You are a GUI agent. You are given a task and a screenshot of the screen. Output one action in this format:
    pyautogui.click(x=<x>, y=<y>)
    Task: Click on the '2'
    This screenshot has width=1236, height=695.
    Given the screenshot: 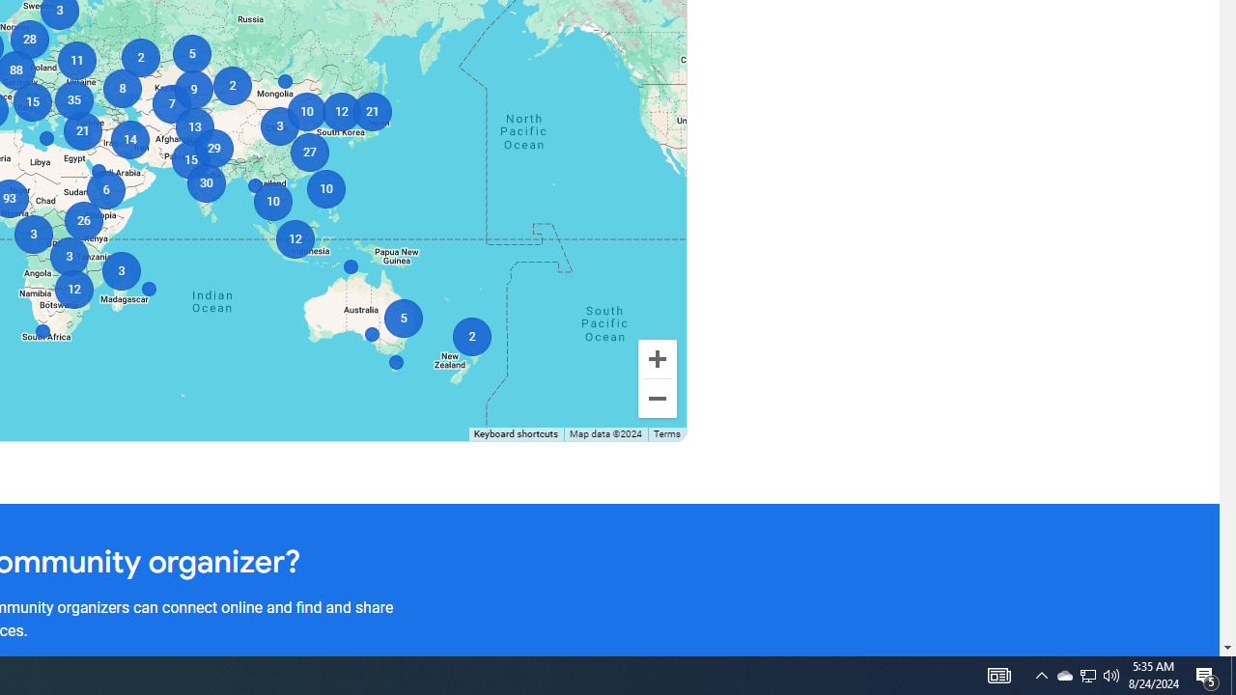 What is the action you would take?
    pyautogui.click(x=471, y=335)
    